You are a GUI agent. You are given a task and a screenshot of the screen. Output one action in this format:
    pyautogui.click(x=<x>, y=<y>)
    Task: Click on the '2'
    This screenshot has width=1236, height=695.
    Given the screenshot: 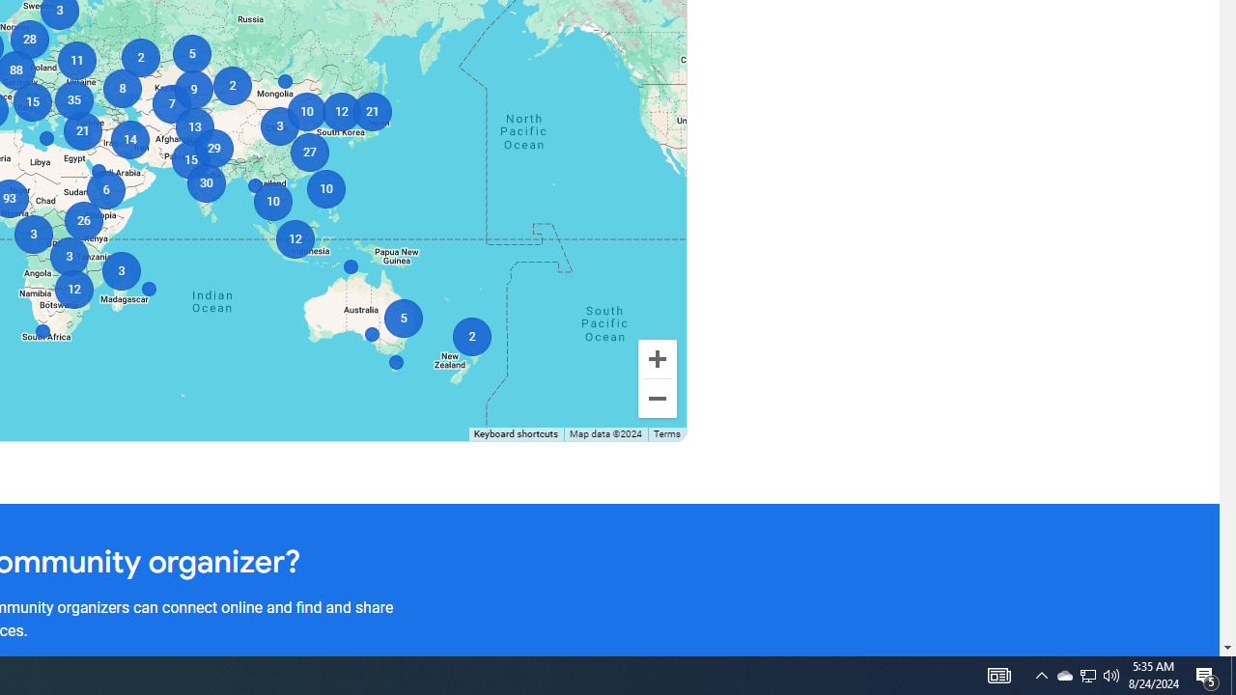 What is the action you would take?
    pyautogui.click(x=471, y=335)
    